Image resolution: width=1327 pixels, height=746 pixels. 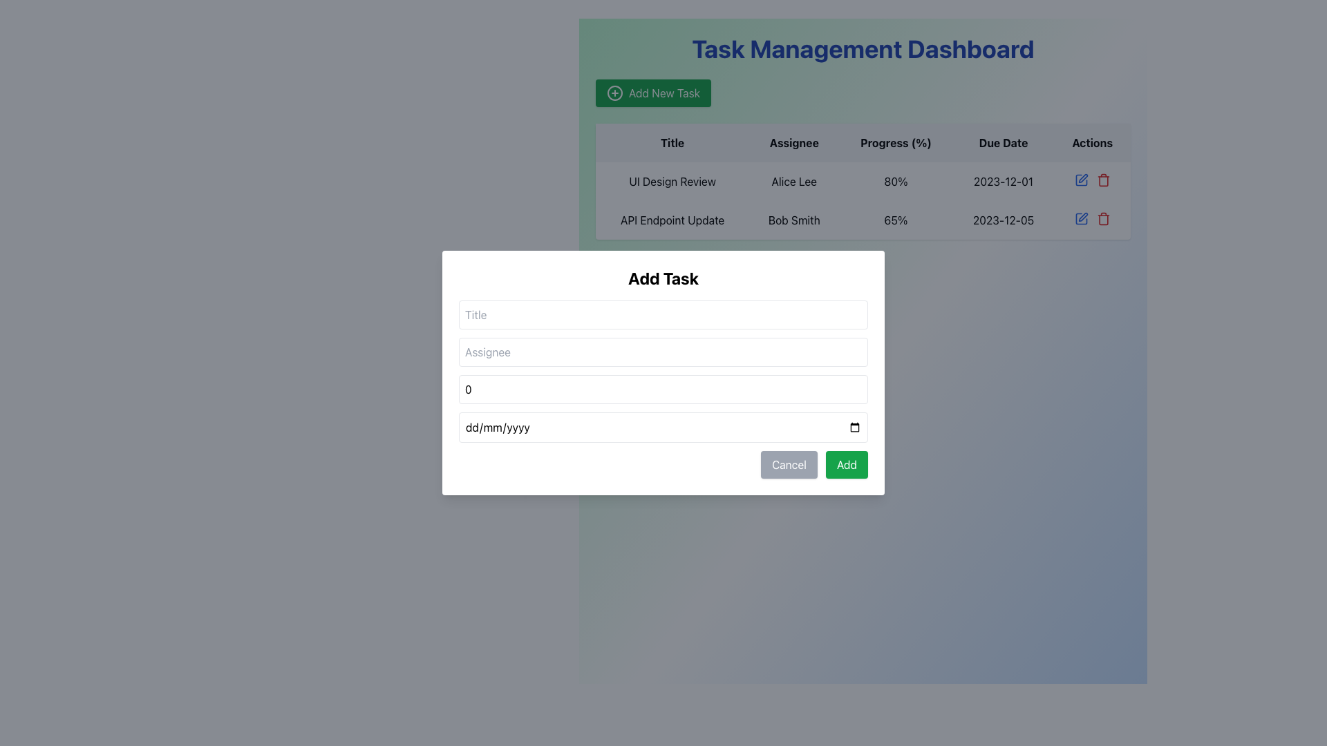 What do you see at coordinates (1091, 180) in the screenshot?
I see `the blue pencil icon in the action control group` at bounding box center [1091, 180].